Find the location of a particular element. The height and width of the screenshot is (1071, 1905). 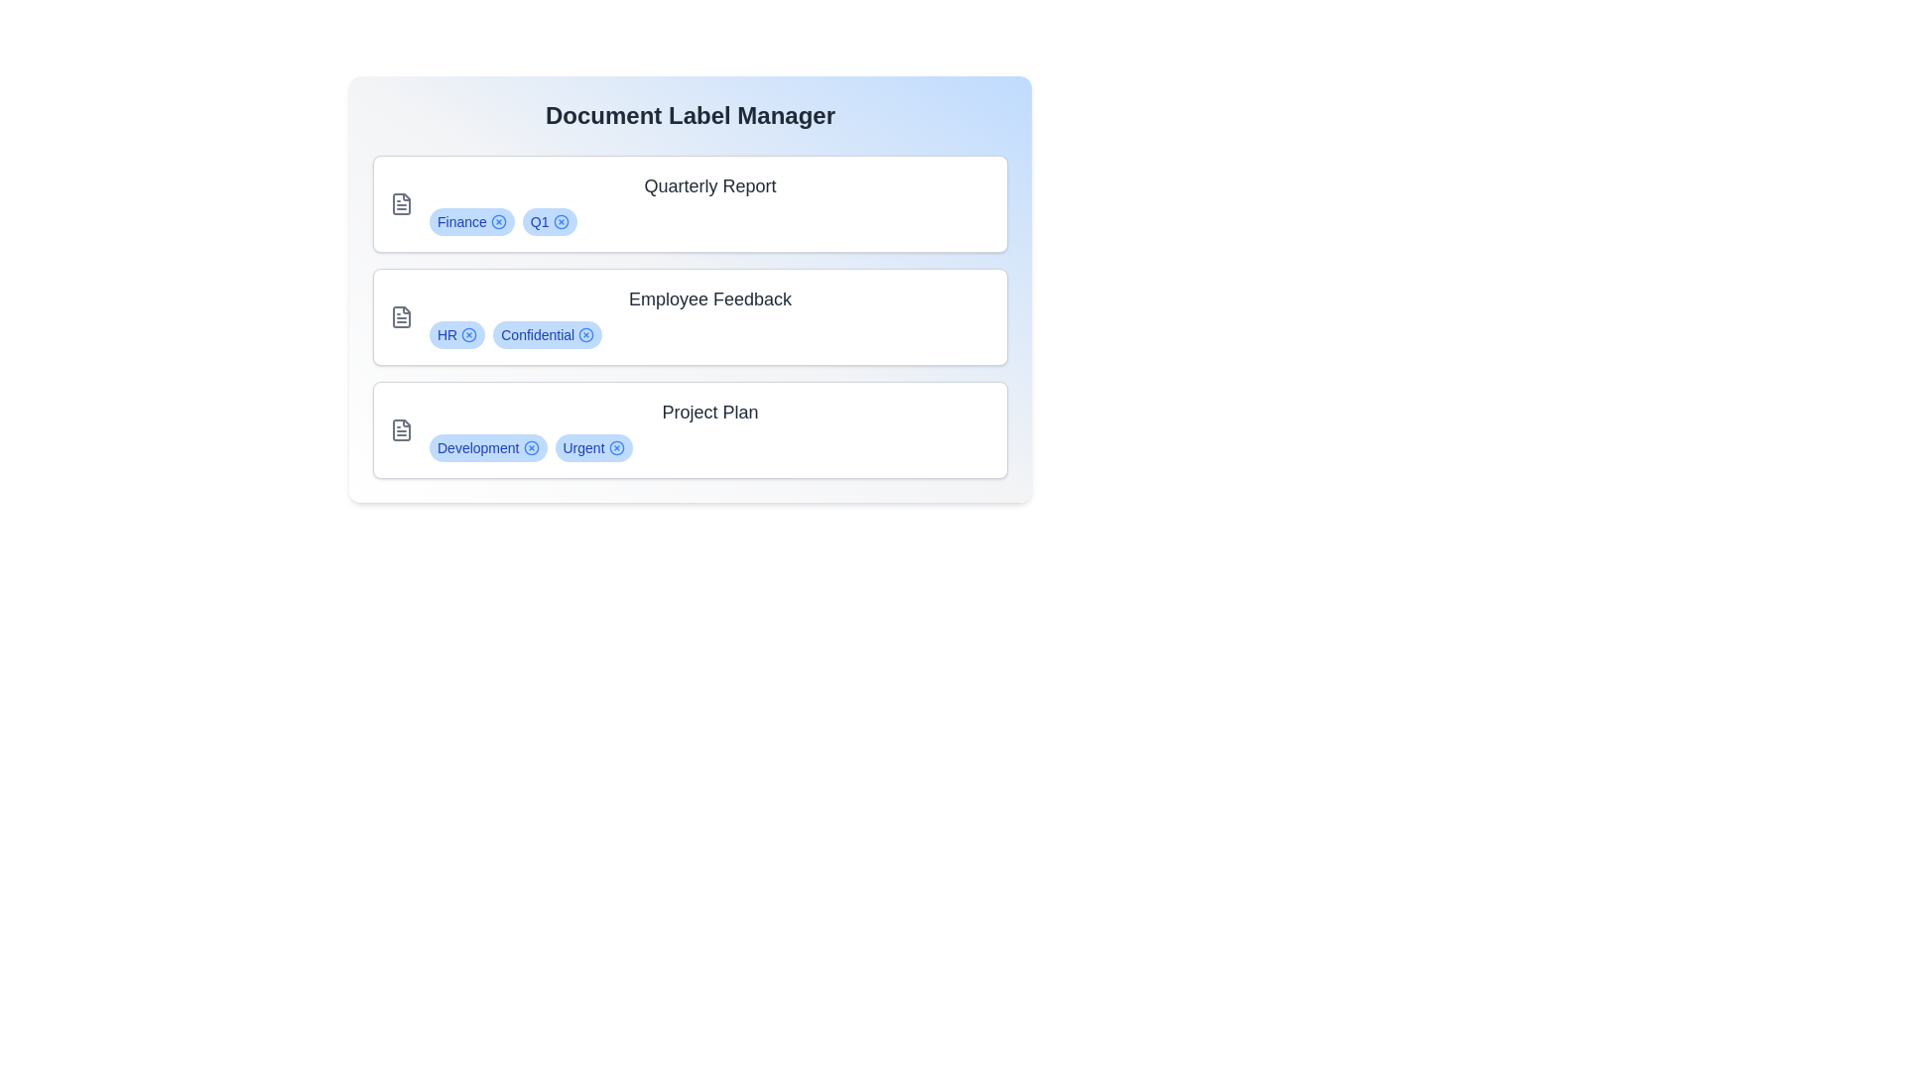

the label Development from the document Project Plan is located at coordinates (530, 447).